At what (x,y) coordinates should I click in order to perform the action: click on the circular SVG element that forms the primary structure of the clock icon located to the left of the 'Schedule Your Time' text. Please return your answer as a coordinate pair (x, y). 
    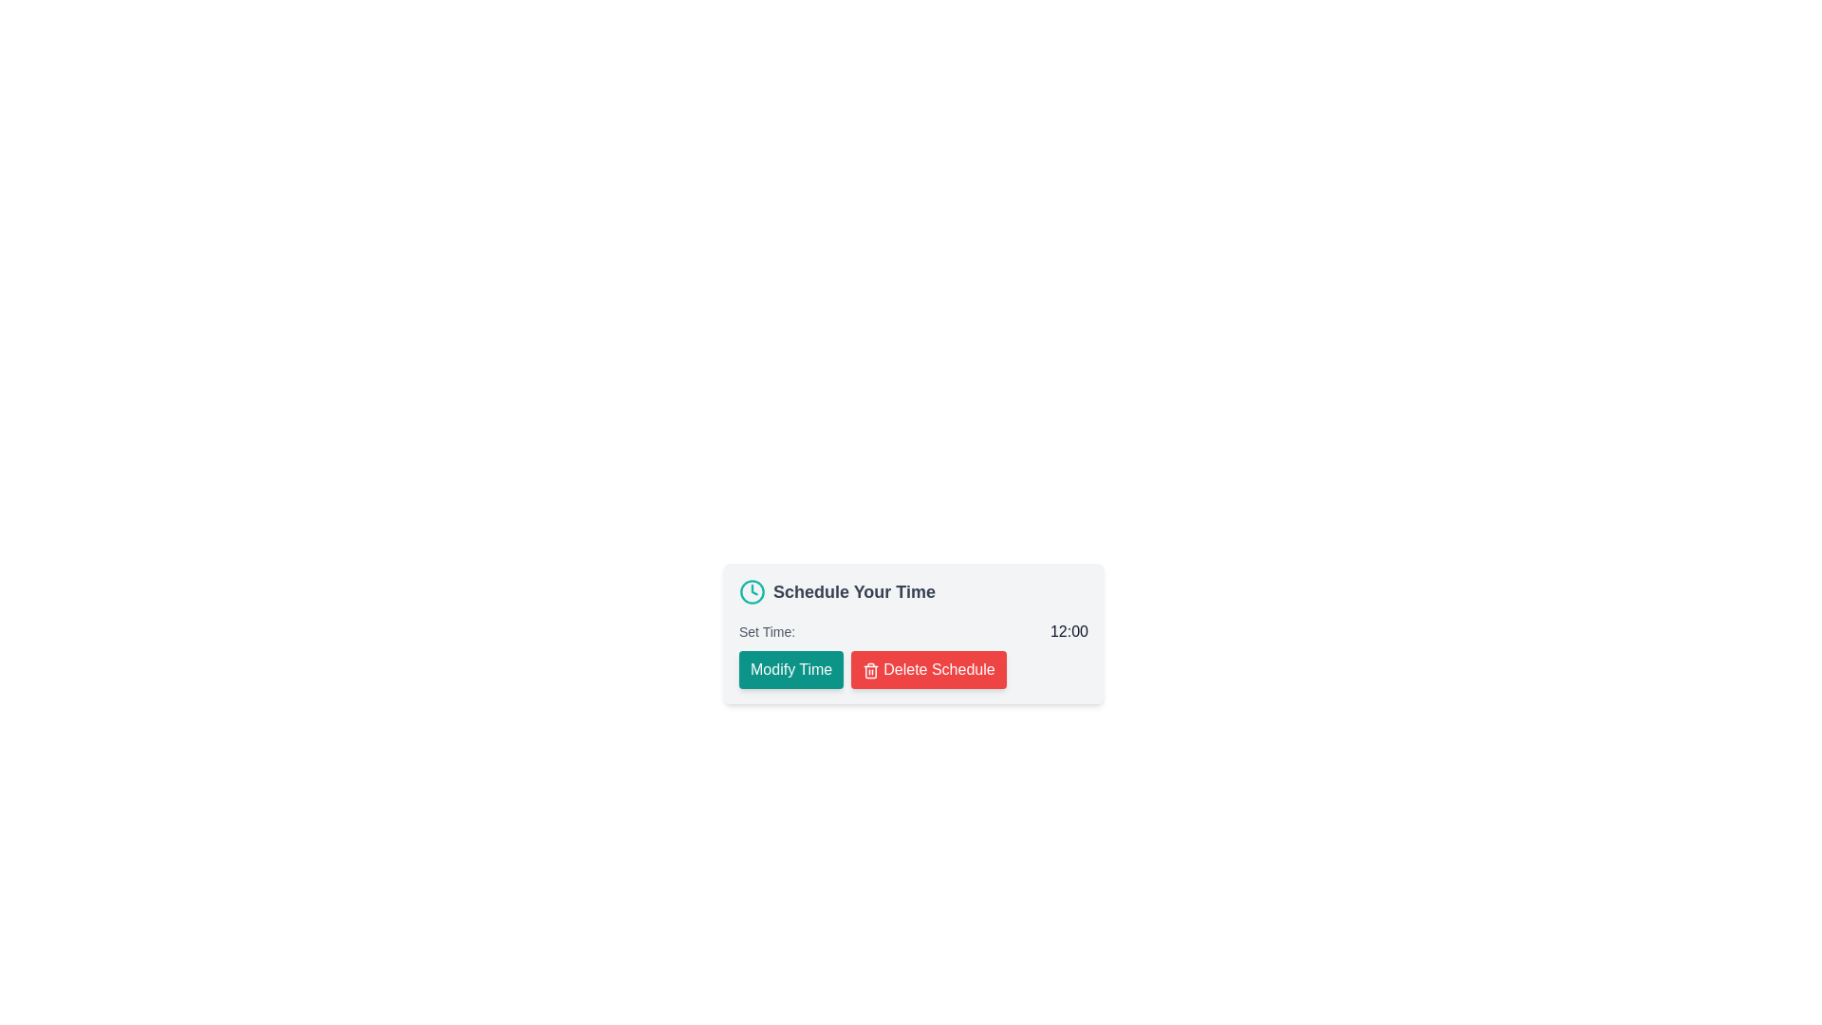
    Looking at the image, I should click on (751, 591).